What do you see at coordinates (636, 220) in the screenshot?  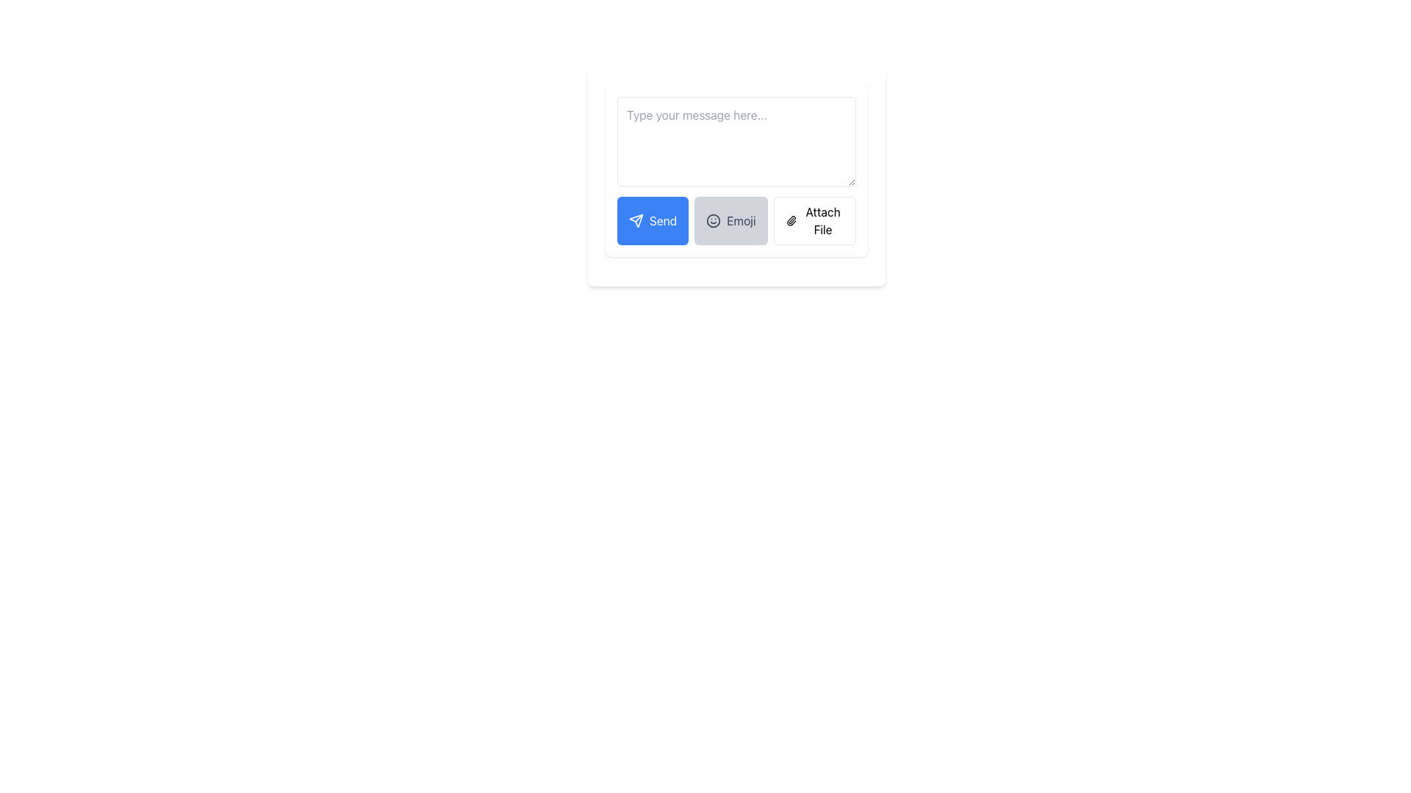 I see `the send action icon located to the left of the 'Send' text within the button, which is the first element in a row of controls below the text input box` at bounding box center [636, 220].